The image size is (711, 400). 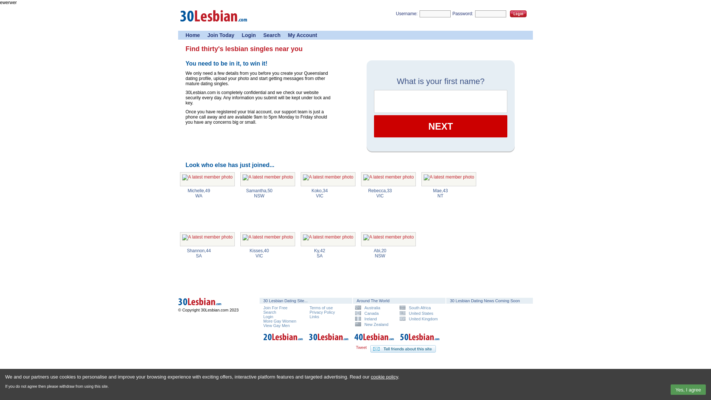 What do you see at coordinates (374, 307) in the screenshot?
I see `'Australia'` at bounding box center [374, 307].